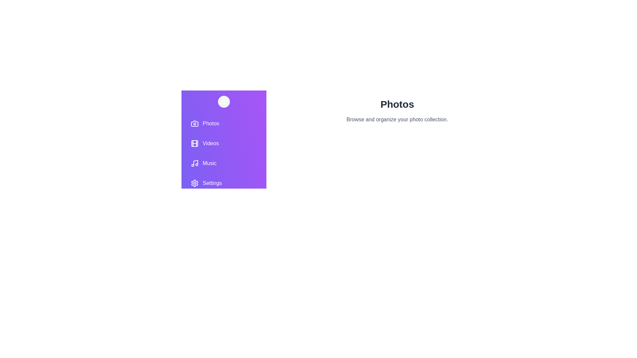  I want to click on the Photos tab to view its contents, so click(224, 124).